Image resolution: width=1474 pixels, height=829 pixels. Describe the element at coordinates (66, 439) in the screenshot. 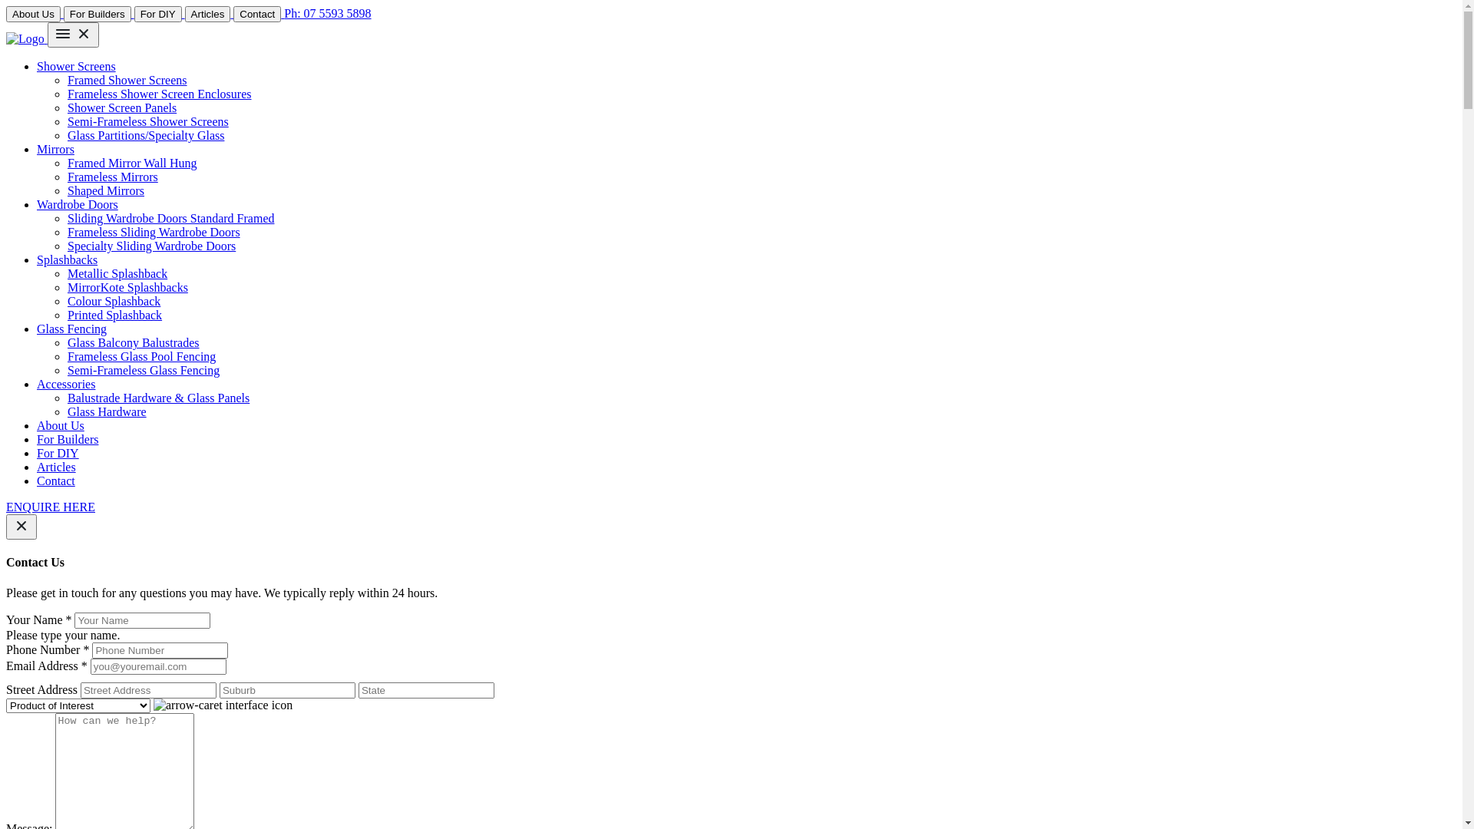

I see `'For Builders'` at that location.